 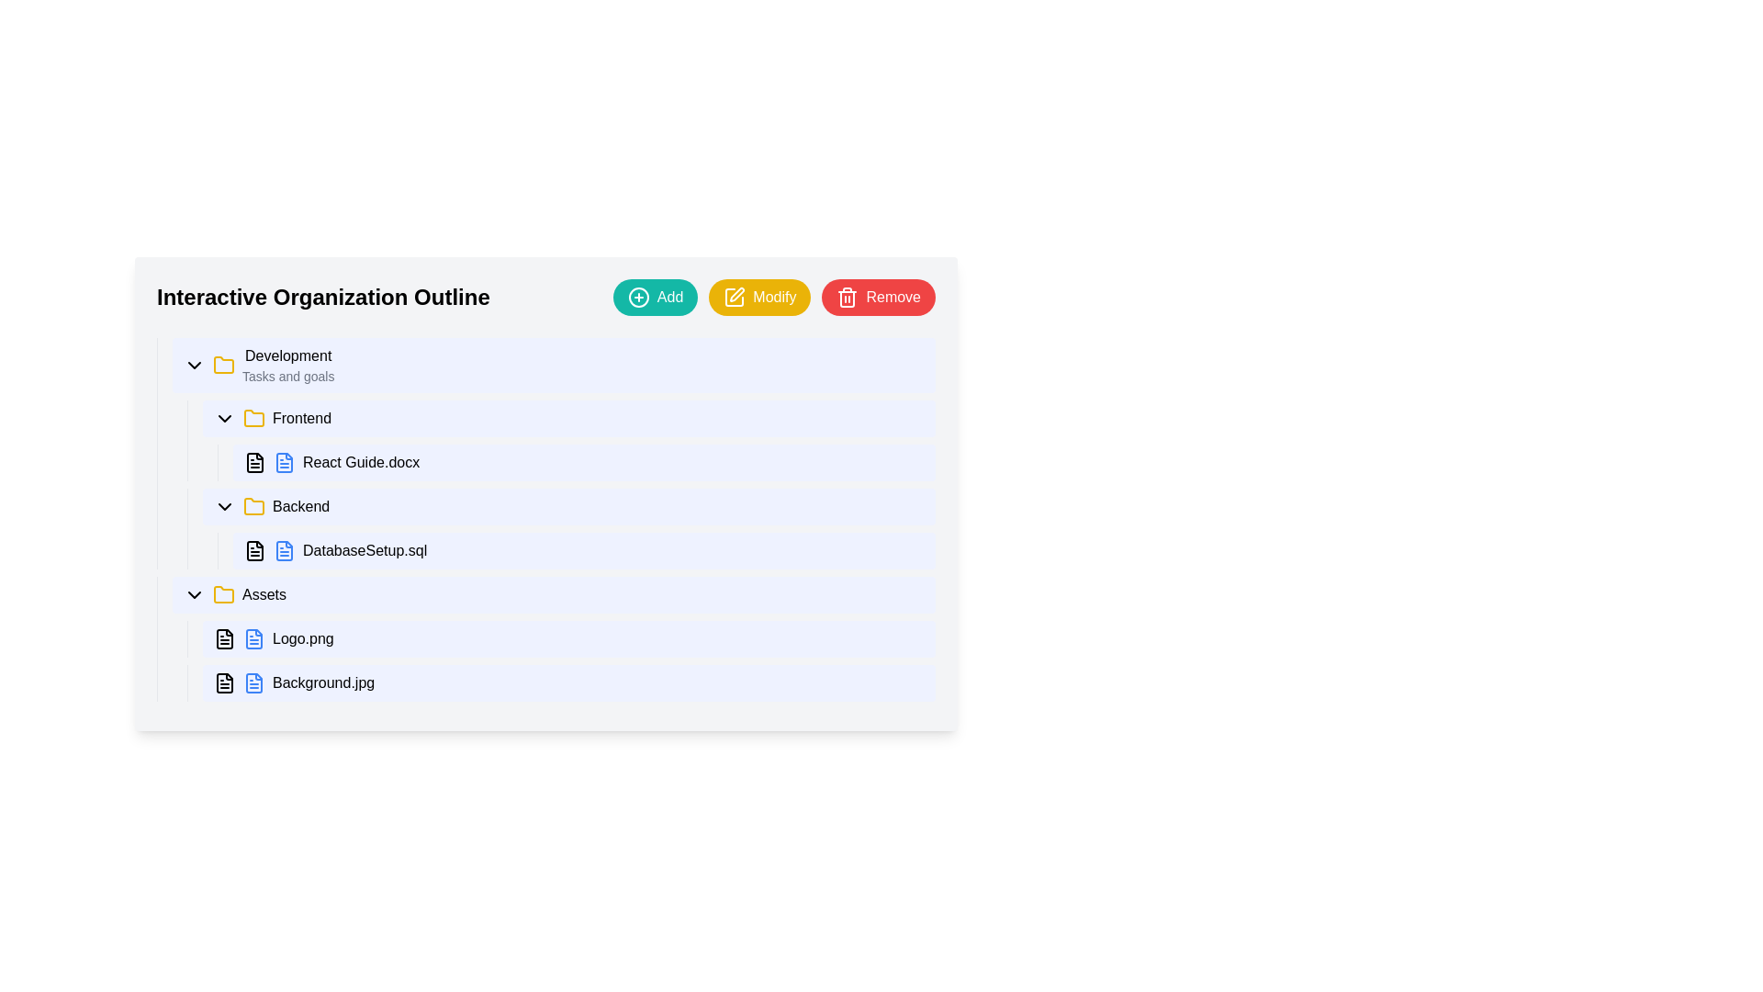 What do you see at coordinates (553, 484) in the screenshot?
I see `the 'Frontend' section of the hierarchical tree structure` at bounding box center [553, 484].